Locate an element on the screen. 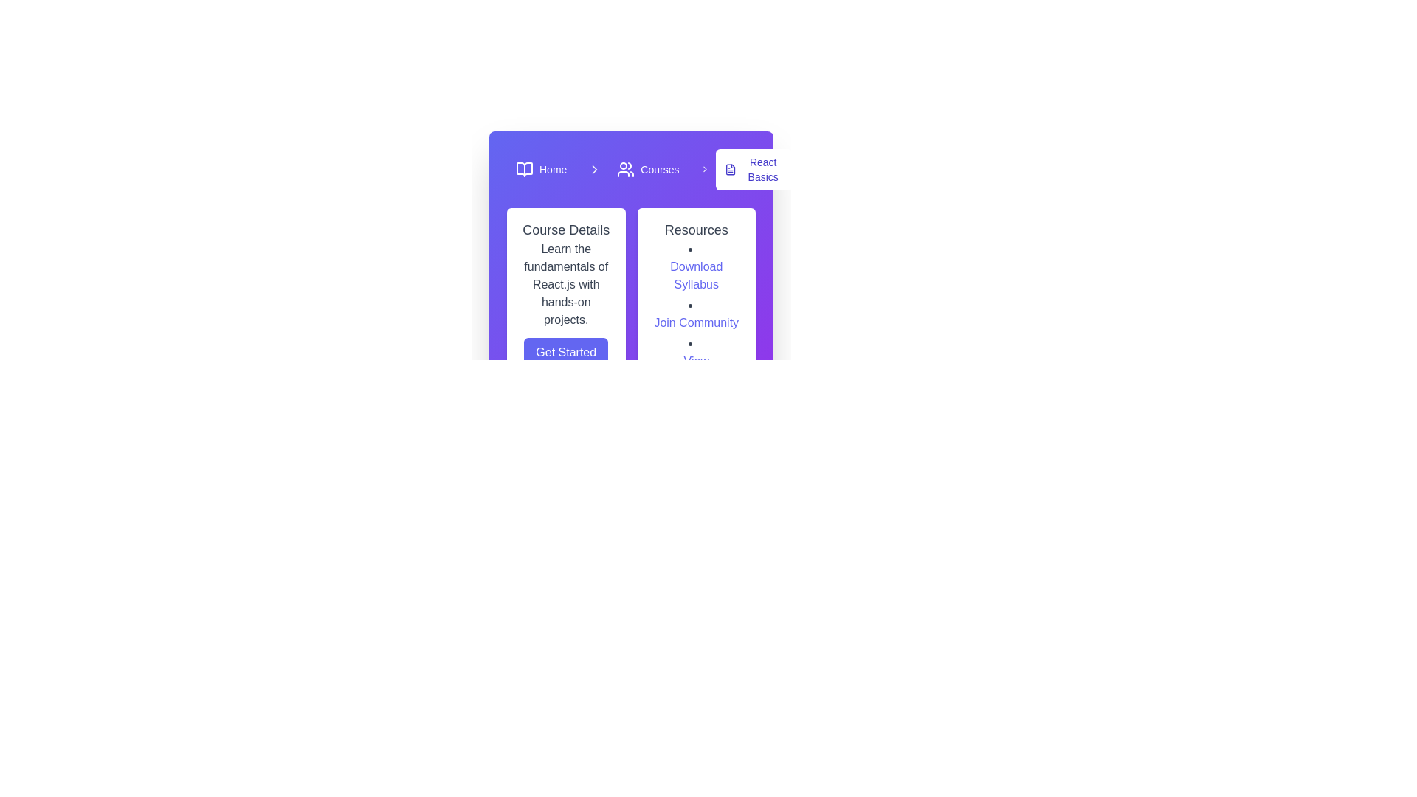 This screenshot has height=797, width=1417. the 'Courses' icon located to the left of the 'Courses' label in the navigation bar is located at coordinates (626, 169).